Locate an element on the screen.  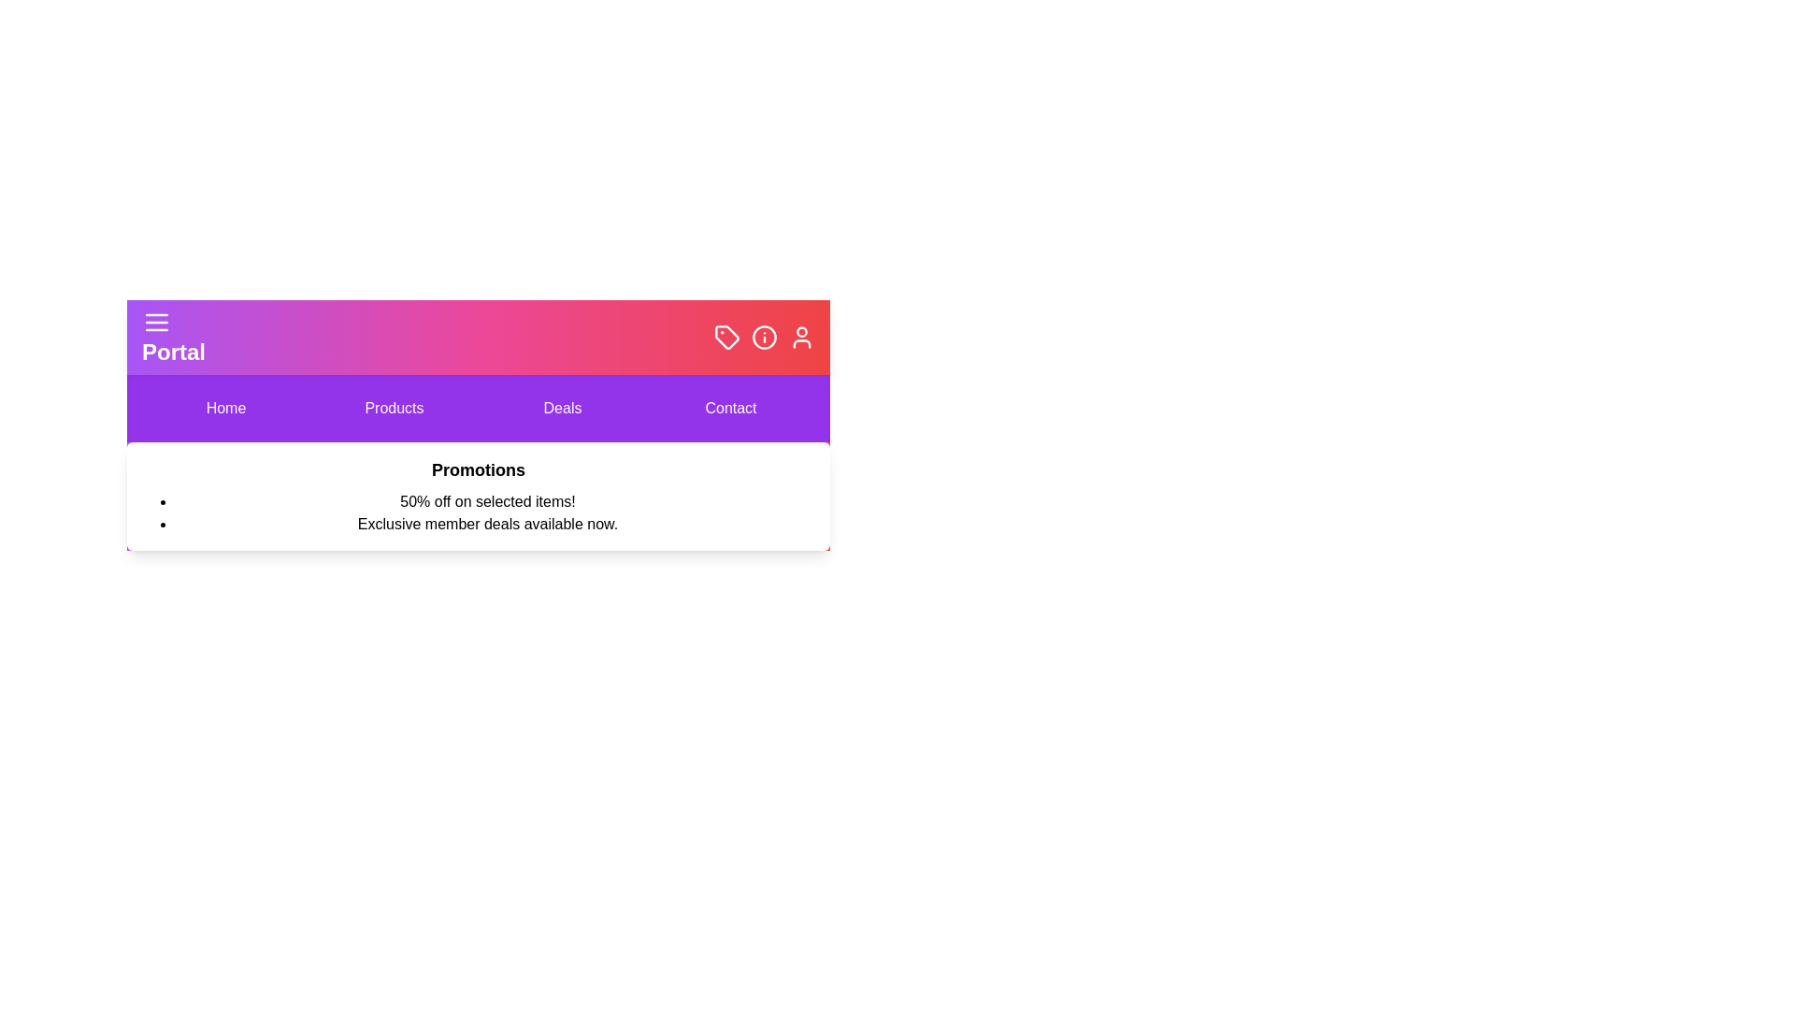
the navigation item Deals from the menu is located at coordinates (561, 407).